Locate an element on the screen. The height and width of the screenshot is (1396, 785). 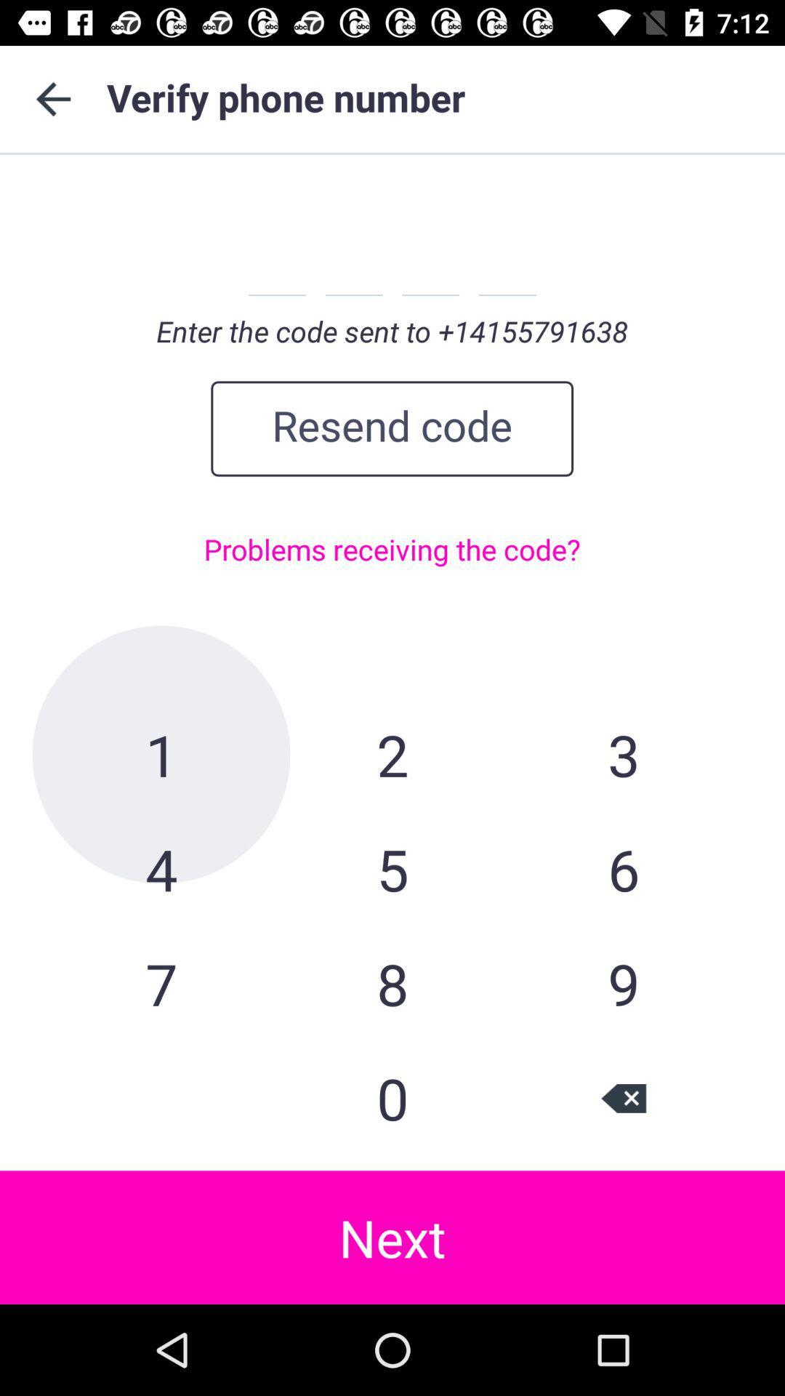
the button 8 on the web page is located at coordinates (392, 984).